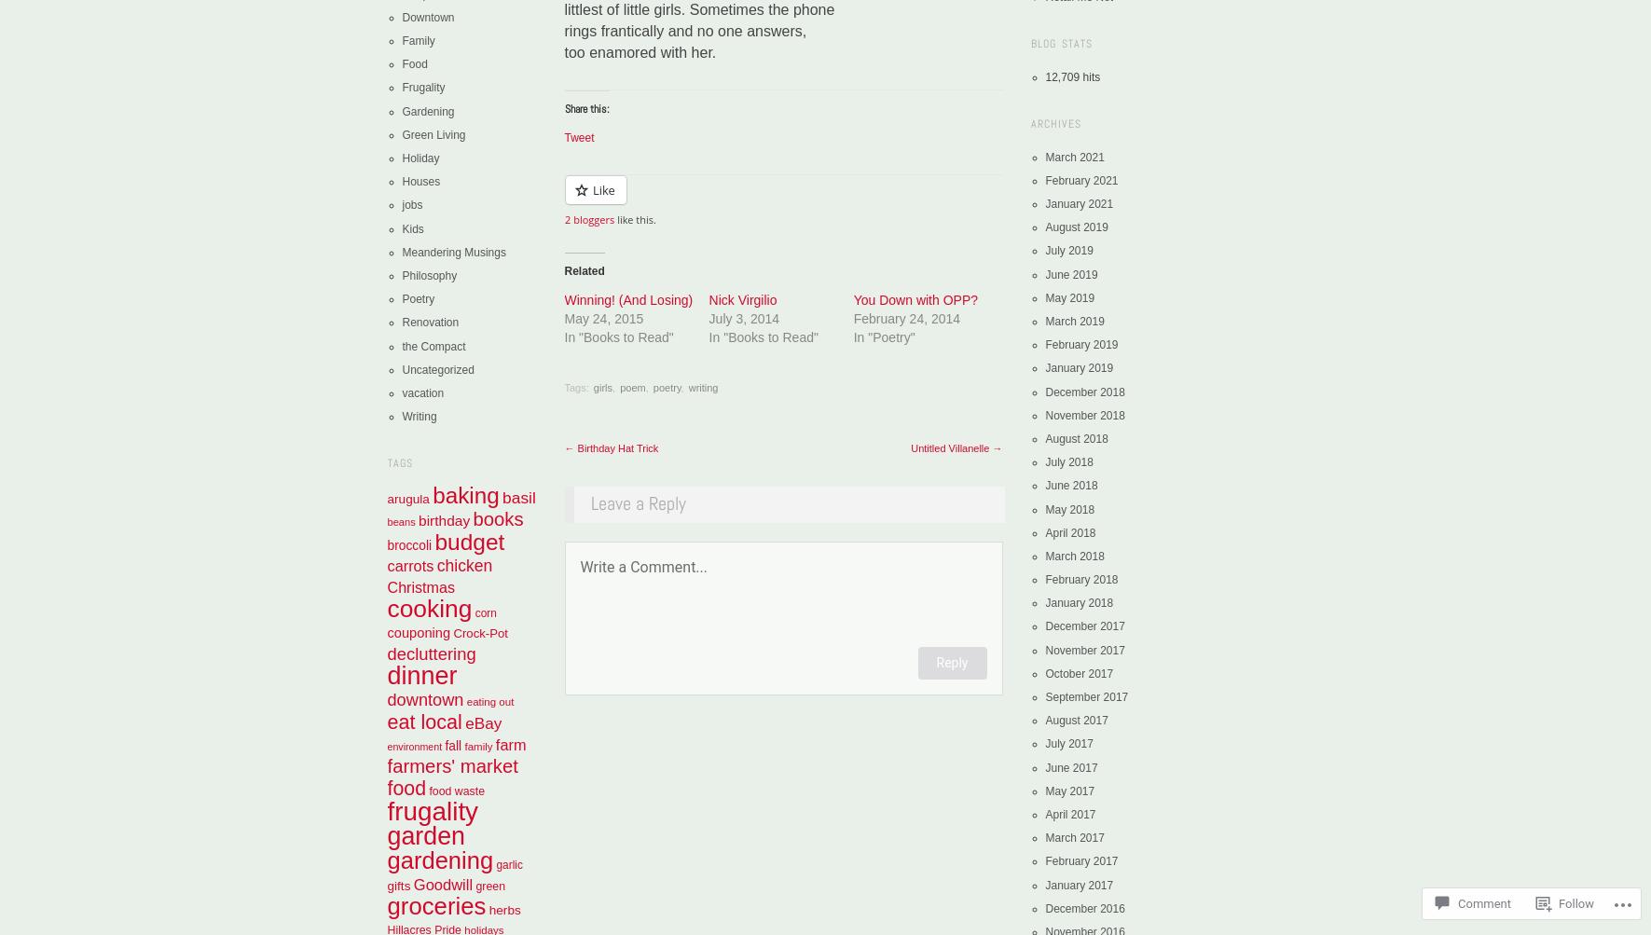 The width and height of the screenshot is (1651, 935). I want to click on 'January 2021', so click(1079, 203).